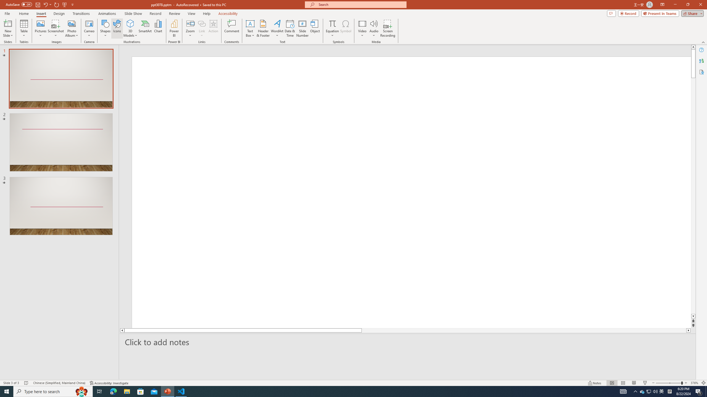 The height and width of the screenshot is (397, 707). I want to click on 'Photo Album...', so click(71, 28).